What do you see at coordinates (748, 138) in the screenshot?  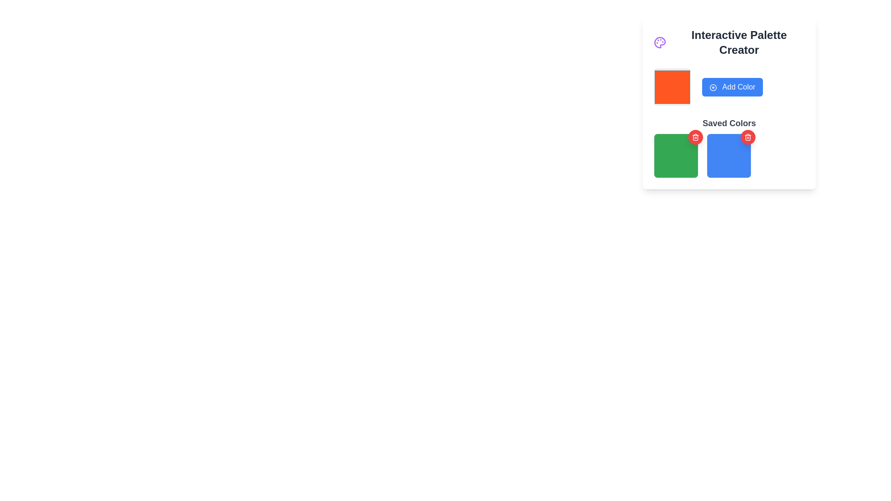 I see `the central vertical component of the trash can icon located above the blue color block in the 'Saved Colors' section` at bounding box center [748, 138].